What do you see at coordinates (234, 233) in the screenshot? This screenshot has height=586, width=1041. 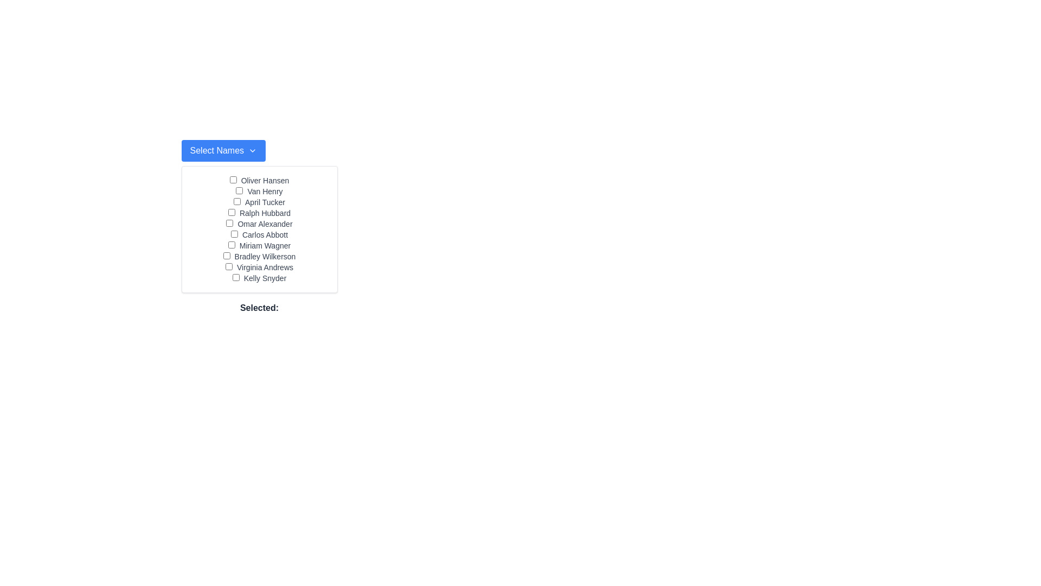 I see `the checkbox located to the left of the text 'Carlos Abbott', which is the sixth checkbox in a vertical list of checkboxes` at bounding box center [234, 233].